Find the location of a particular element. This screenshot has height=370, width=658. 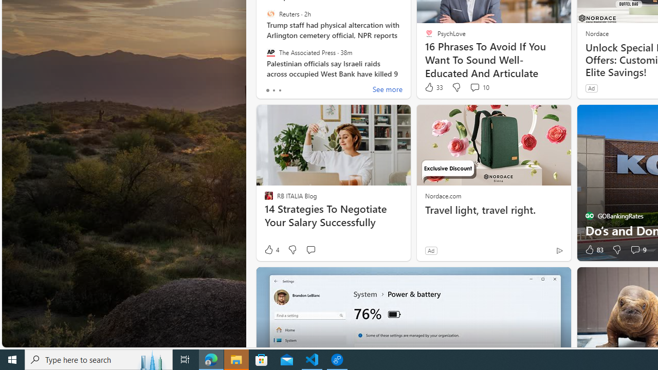

'Dislike' is located at coordinates (617, 250).